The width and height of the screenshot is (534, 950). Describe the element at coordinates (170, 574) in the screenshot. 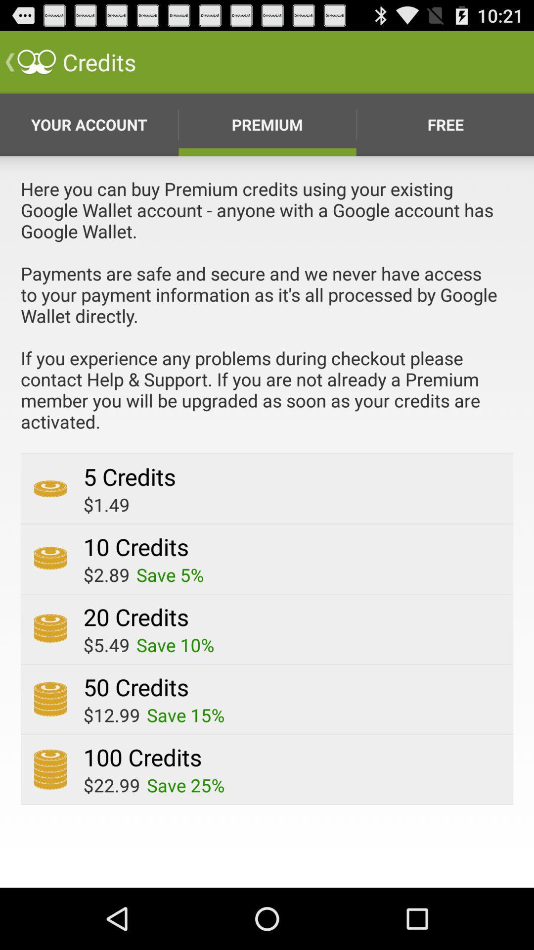

I see `app next to $2.89 icon` at that location.